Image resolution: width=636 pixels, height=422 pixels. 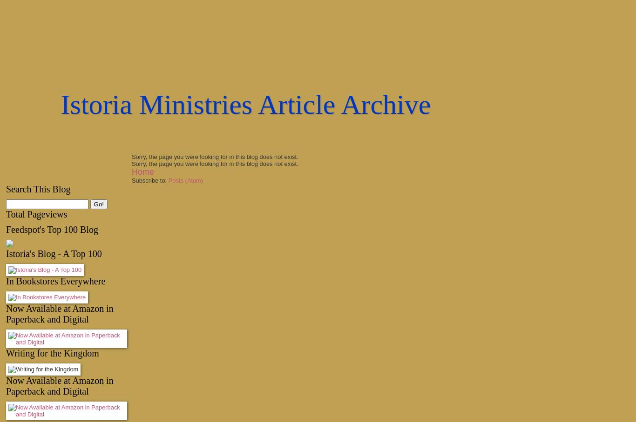 I want to click on 'Istoria Ministries Article Archive', so click(x=245, y=105).